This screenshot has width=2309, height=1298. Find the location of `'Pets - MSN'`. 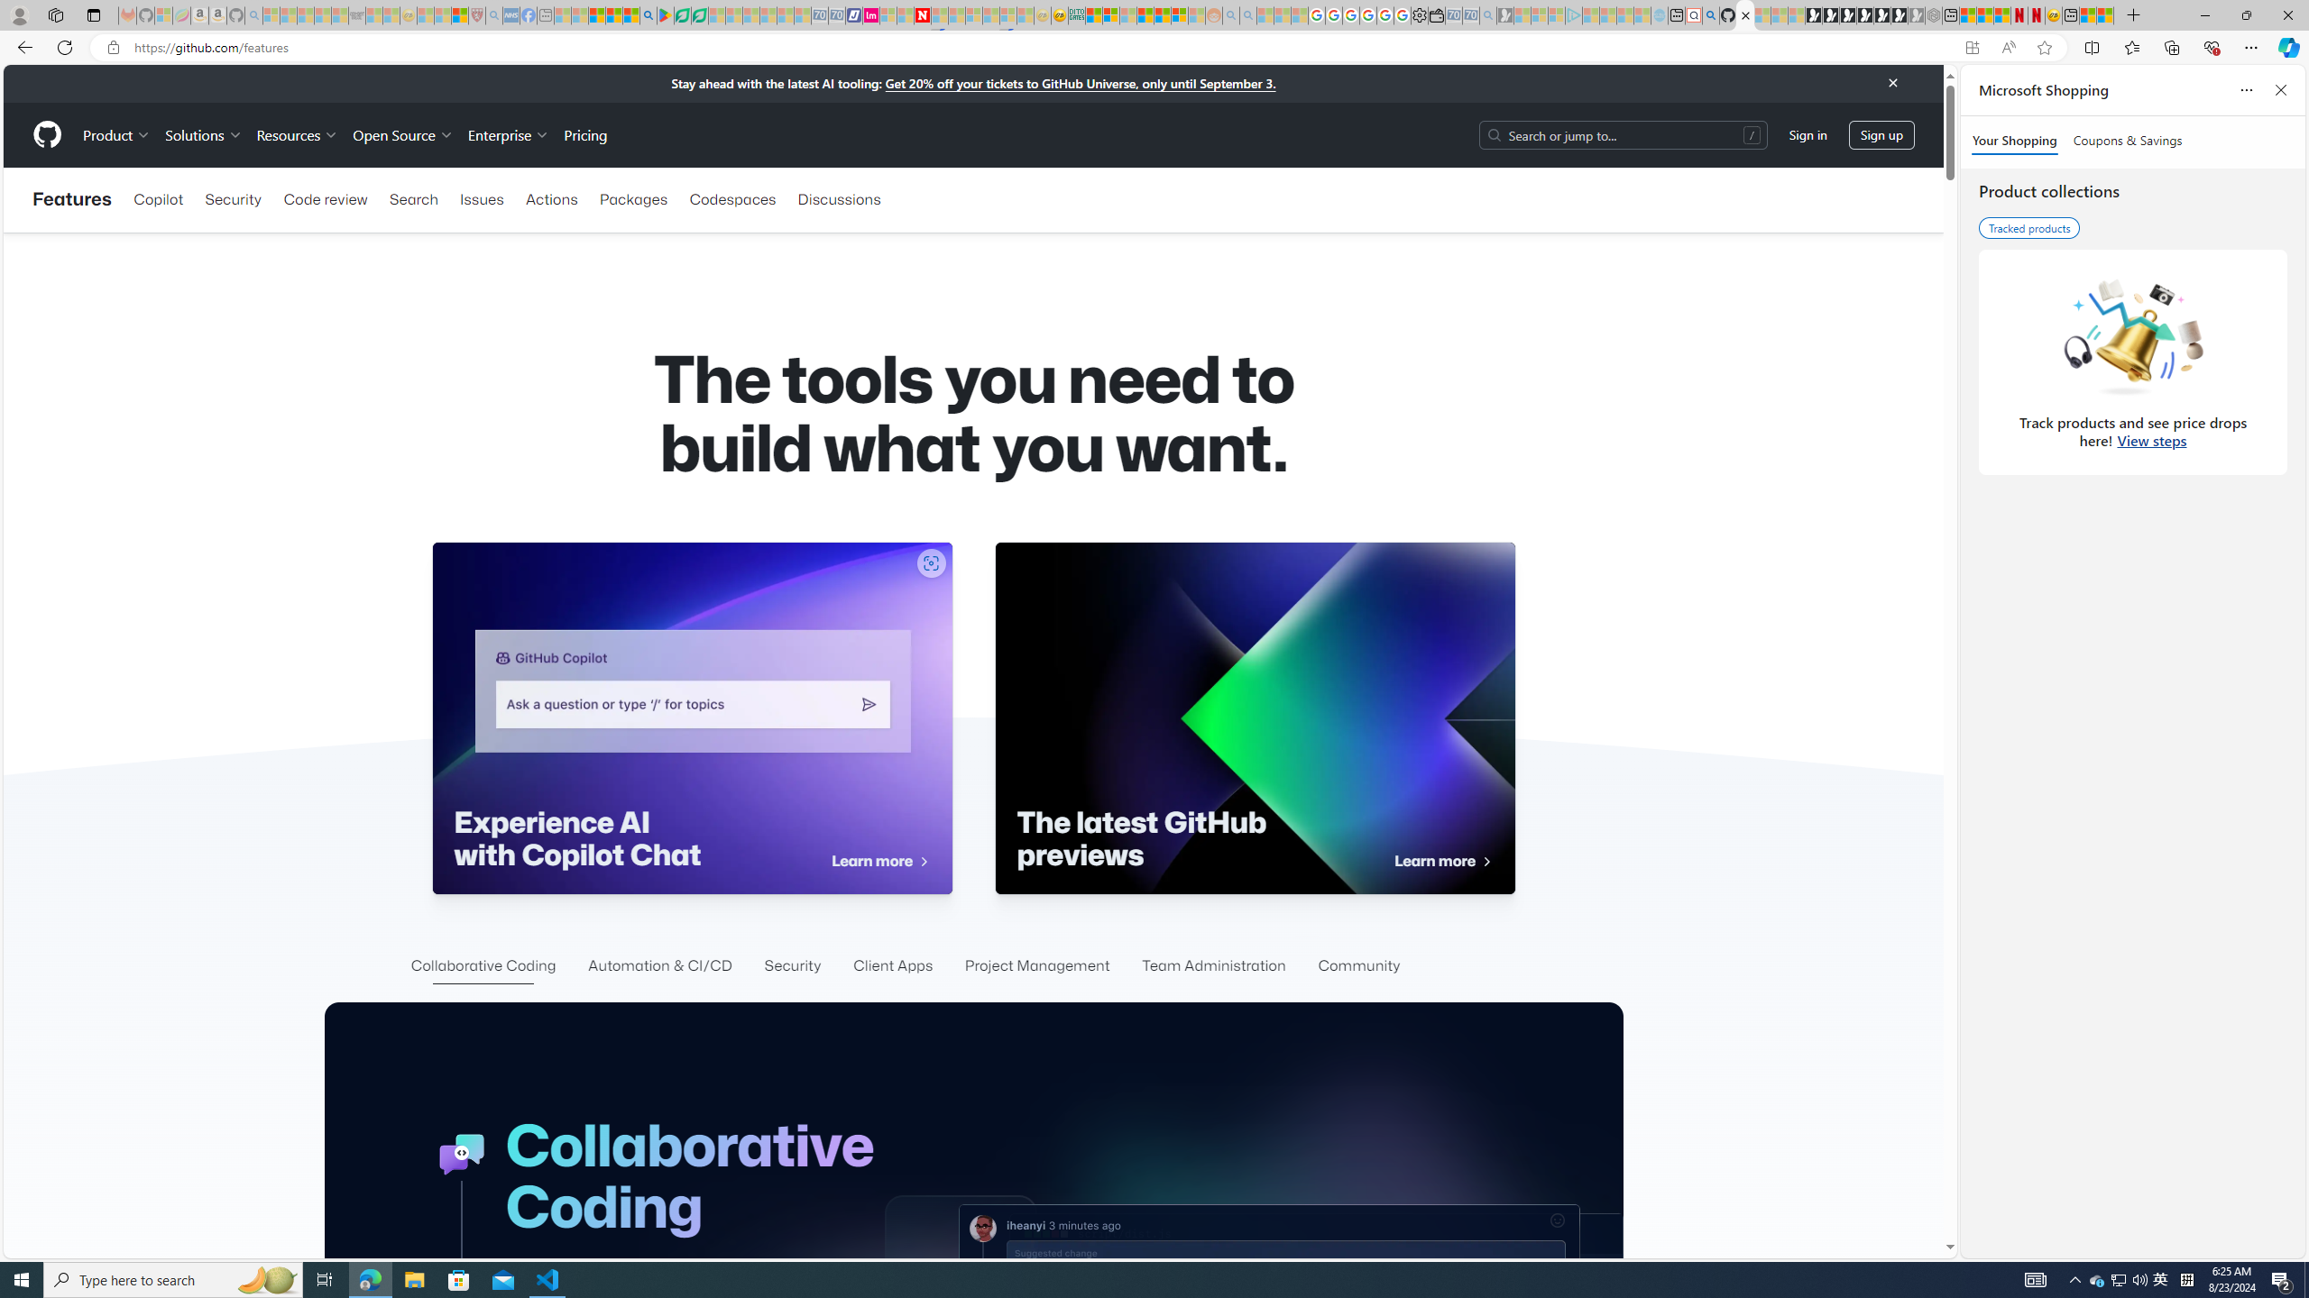

'Pets - MSN' is located at coordinates (613, 14).